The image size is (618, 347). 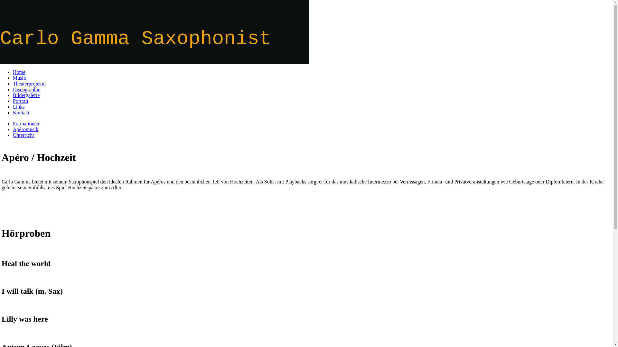 What do you see at coordinates (26, 123) in the screenshot?
I see `'Formationen'` at bounding box center [26, 123].